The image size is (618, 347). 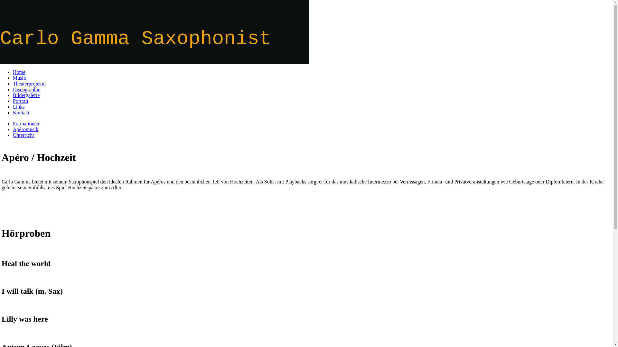 What do you see at coordinates (26, 123) in the screenshot?
I see `'Formationen'` at bounding box center [26, 123].